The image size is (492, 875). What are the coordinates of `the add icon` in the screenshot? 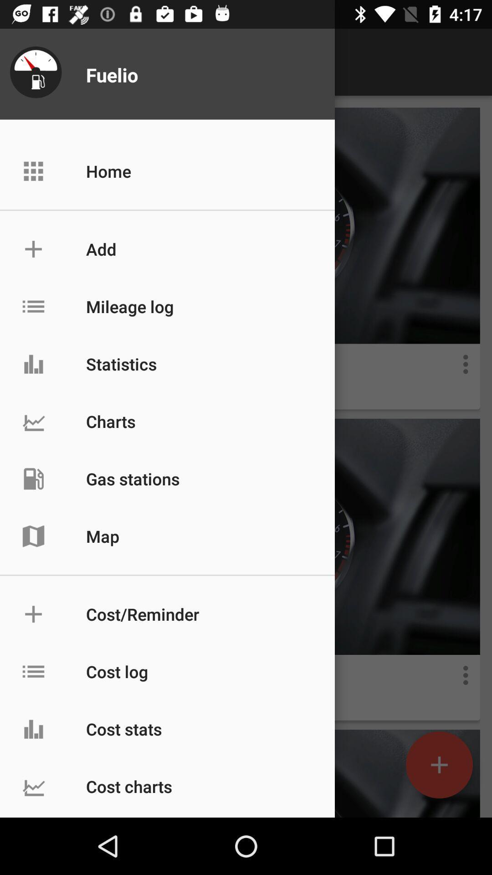 It's located at (439, 765).